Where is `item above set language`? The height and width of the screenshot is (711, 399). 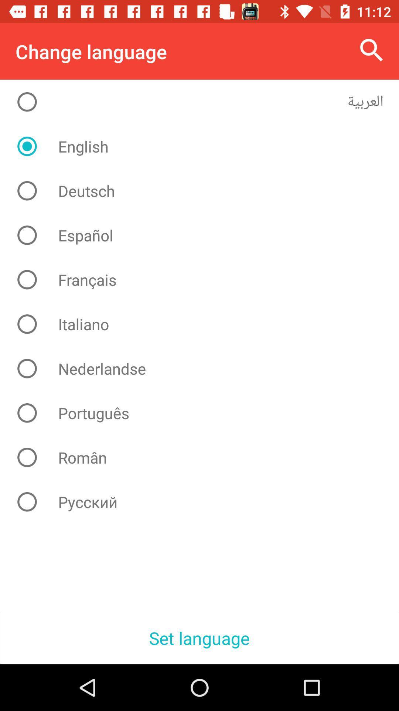
item above set language is located at coordinates (205, 502).